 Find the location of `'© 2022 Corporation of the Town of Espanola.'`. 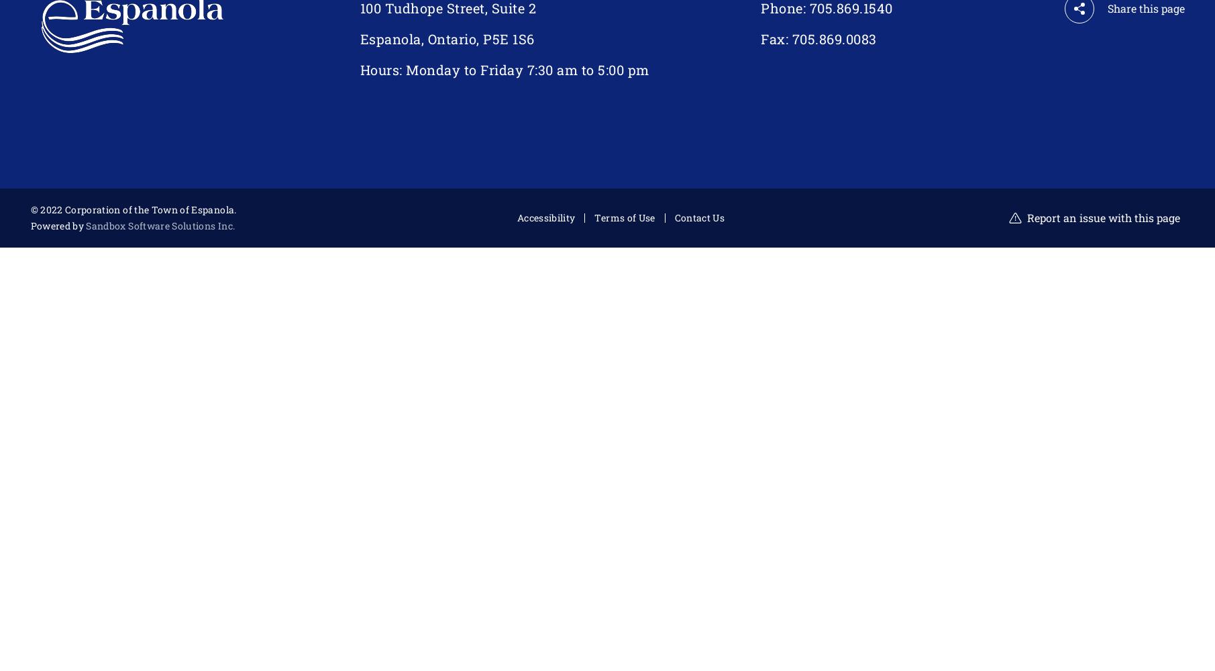

'© 2022 Corporation of the Town of Espanola.' is located at coordinates (30, 209).